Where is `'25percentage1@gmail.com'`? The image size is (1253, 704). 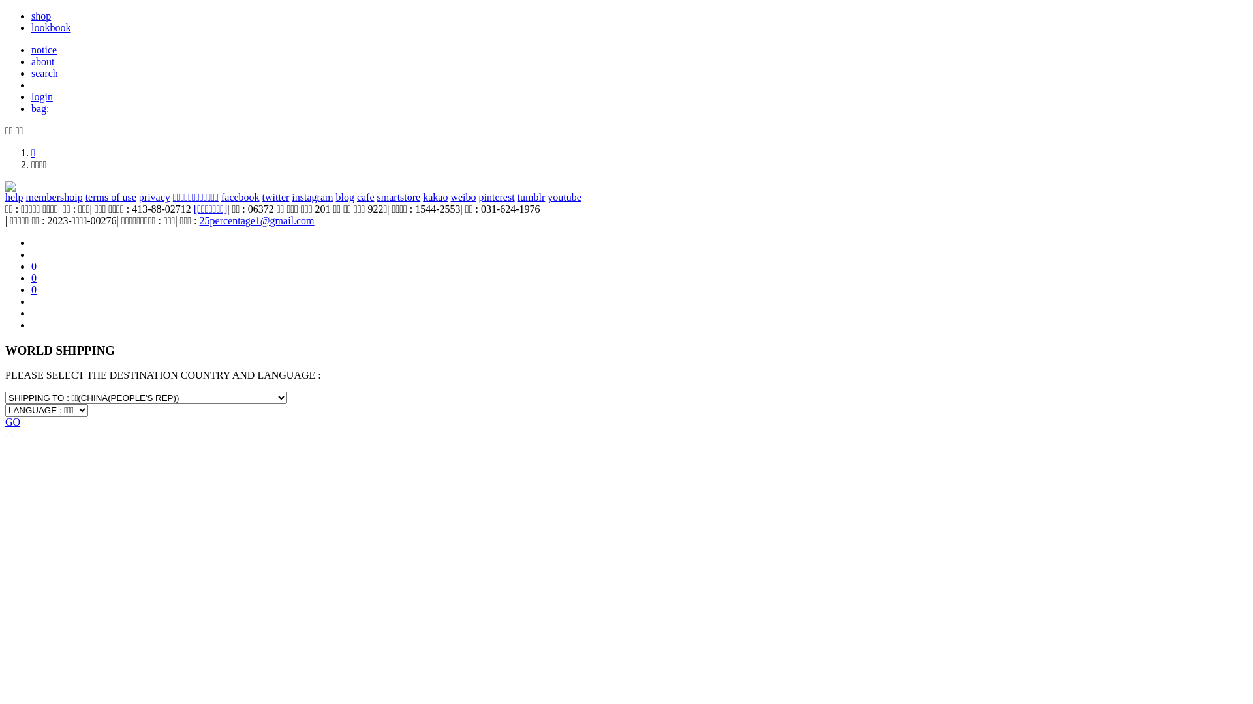 '25percentage1@gmail.com' is located at coordinates (256, 220).